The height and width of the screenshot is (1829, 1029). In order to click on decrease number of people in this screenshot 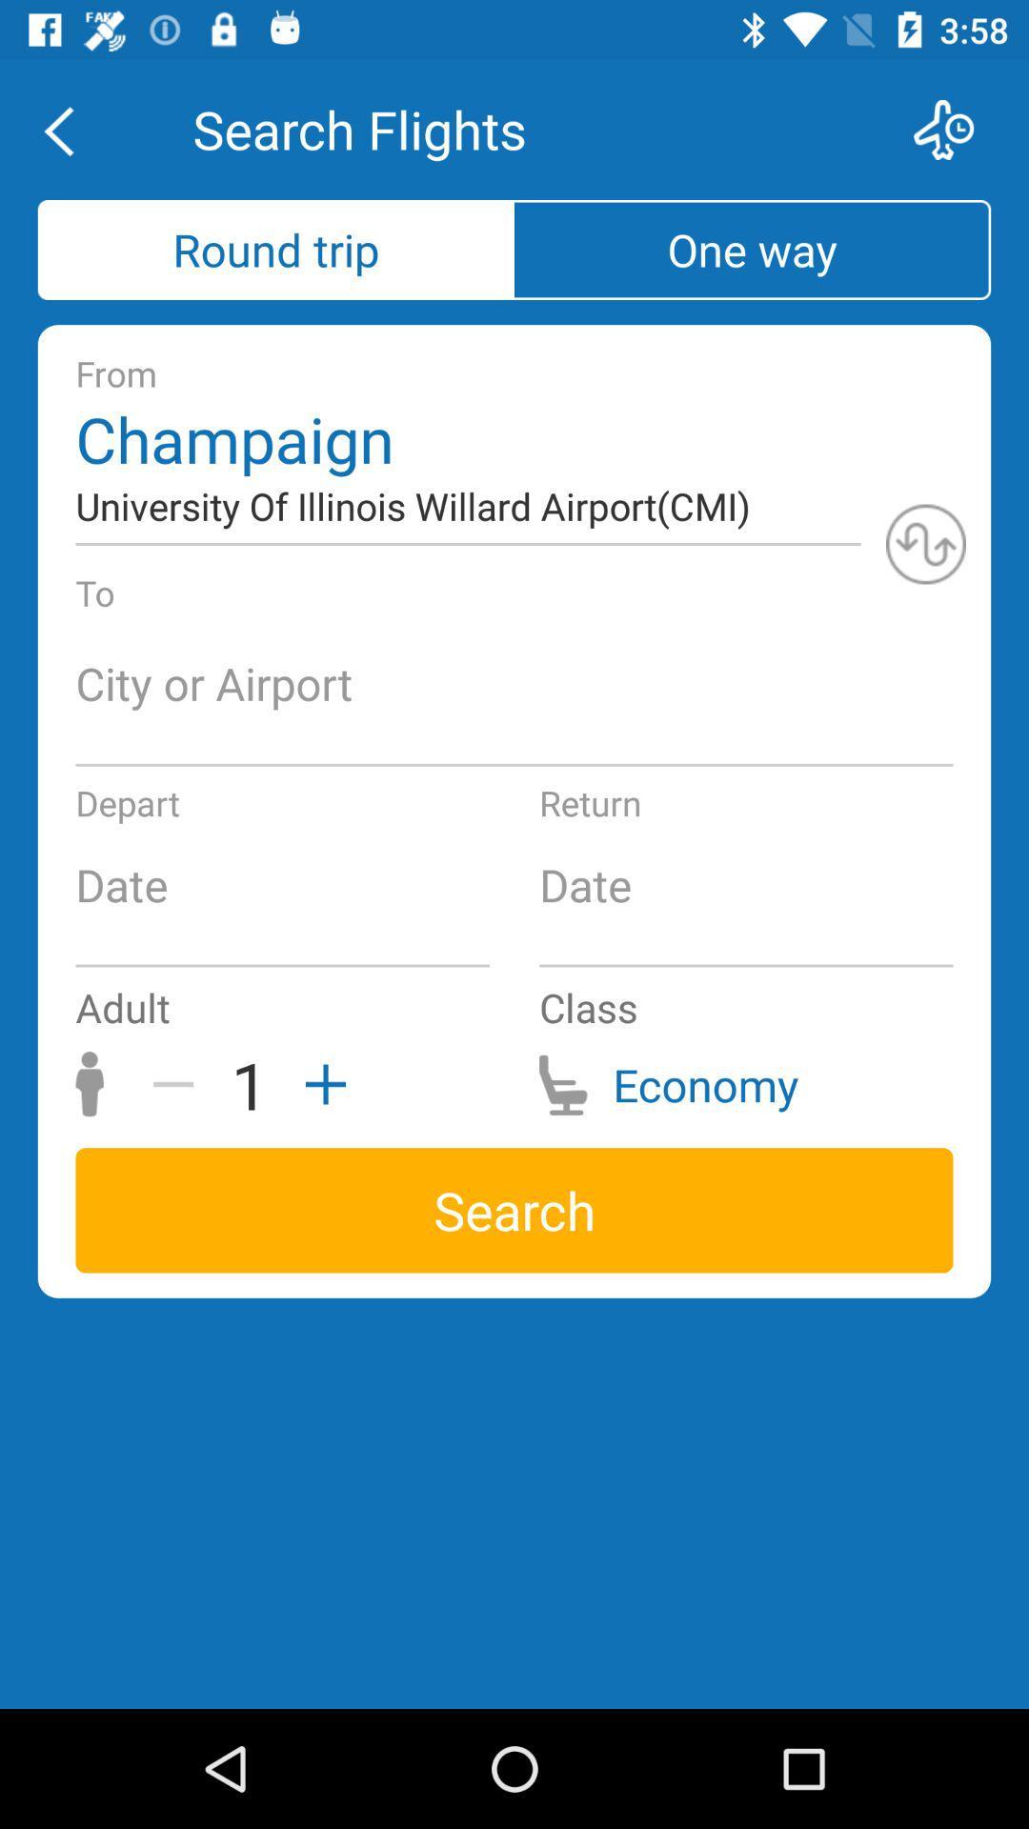, I will do `click(180, 1084)`.